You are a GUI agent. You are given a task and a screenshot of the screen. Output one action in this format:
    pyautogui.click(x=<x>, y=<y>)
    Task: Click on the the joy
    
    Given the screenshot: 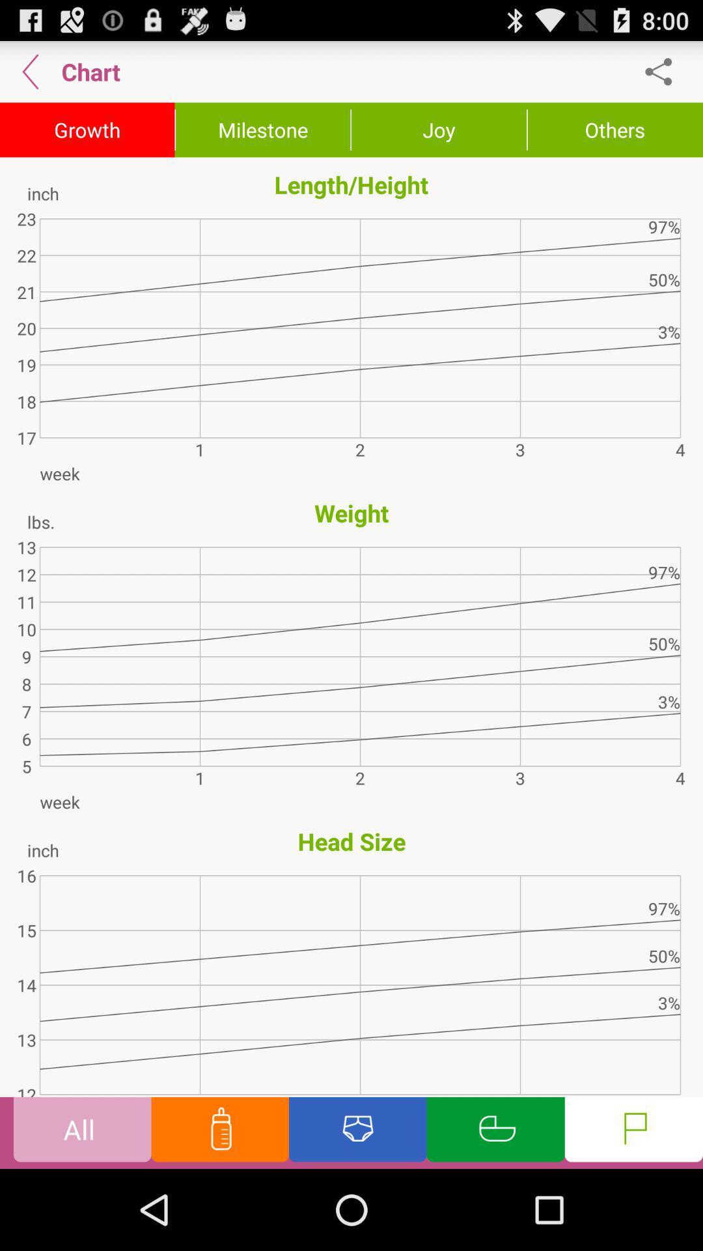 What is the action you would take?
    pyautogui.click(x=439, y=130)
    